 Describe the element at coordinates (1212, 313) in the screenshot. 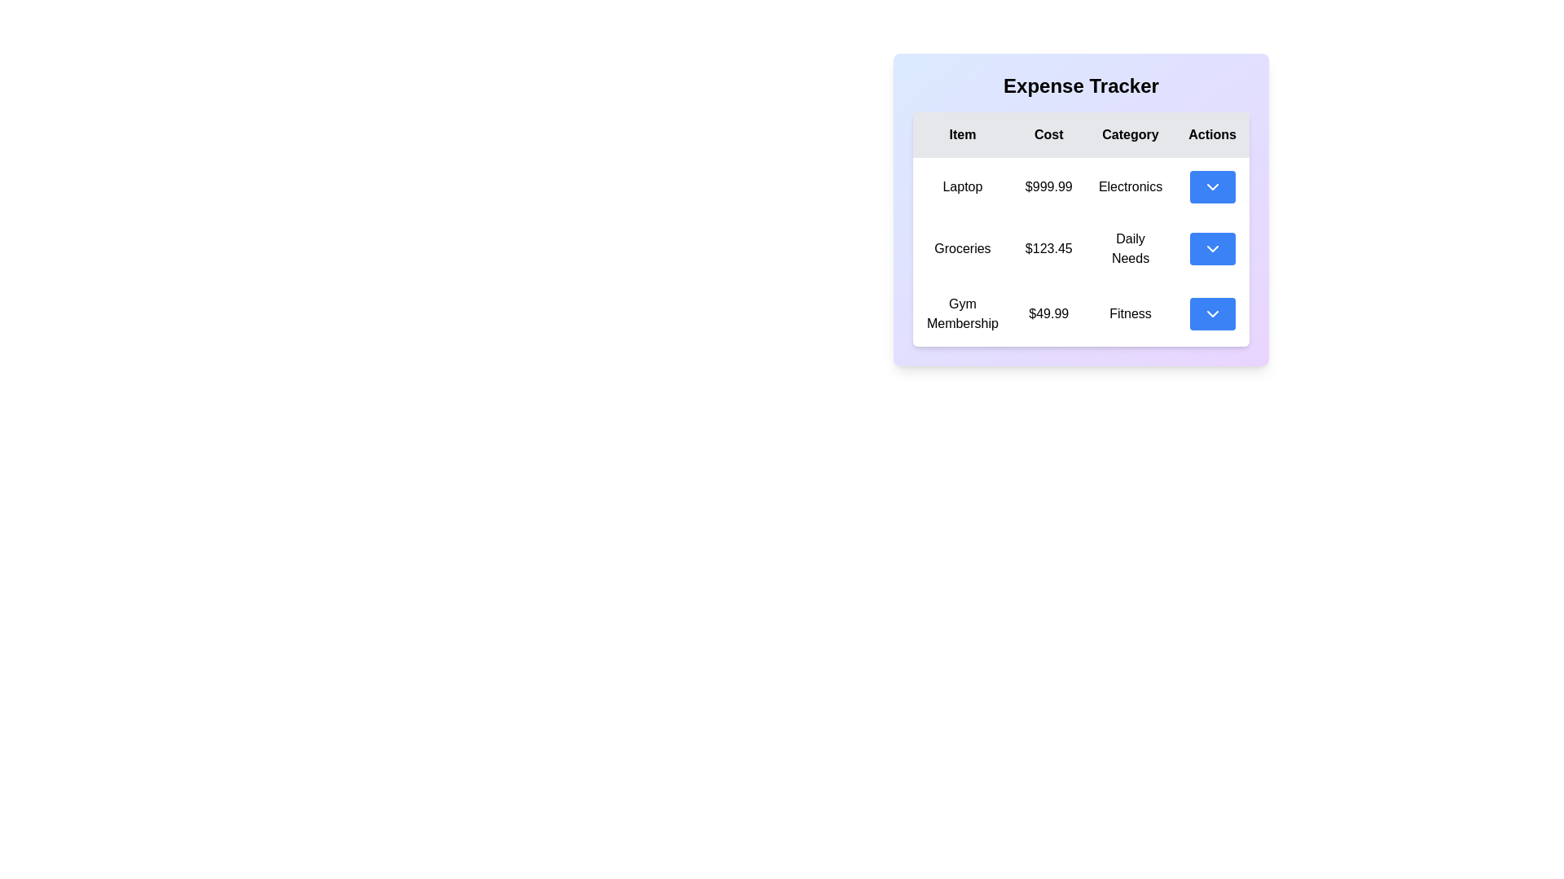

I see `the dropdown trigger button located in the Actions column of the last row of the table` at that location.